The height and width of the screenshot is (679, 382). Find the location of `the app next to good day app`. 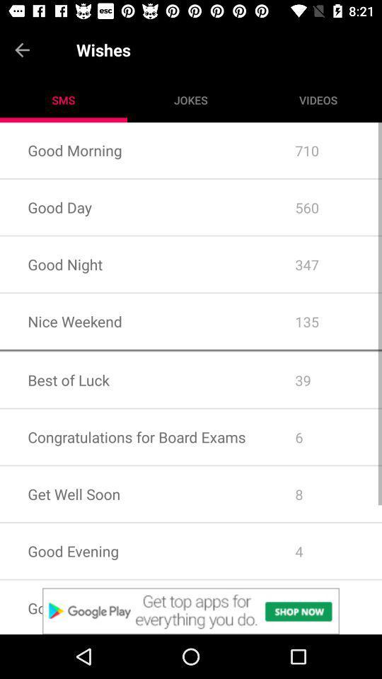

the app next to good day app is located at coordinates (325, 264).